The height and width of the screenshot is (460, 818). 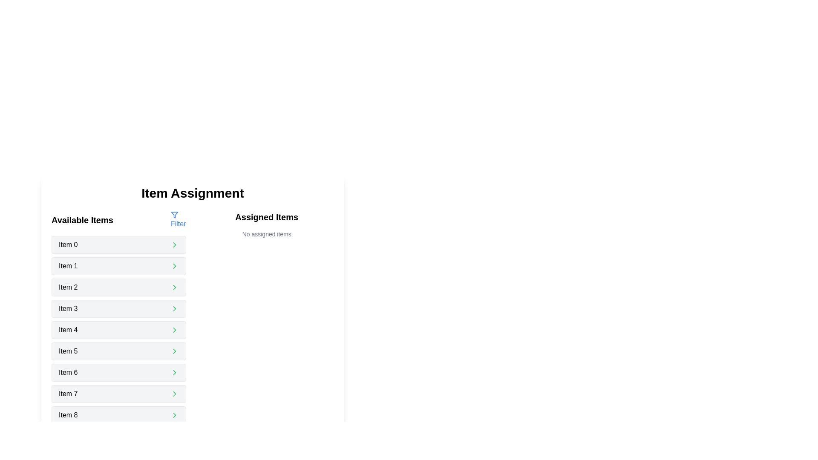 I want to click on the right-aligned arrow icon in the 'Item 7' row, so click(x=174, y=394).